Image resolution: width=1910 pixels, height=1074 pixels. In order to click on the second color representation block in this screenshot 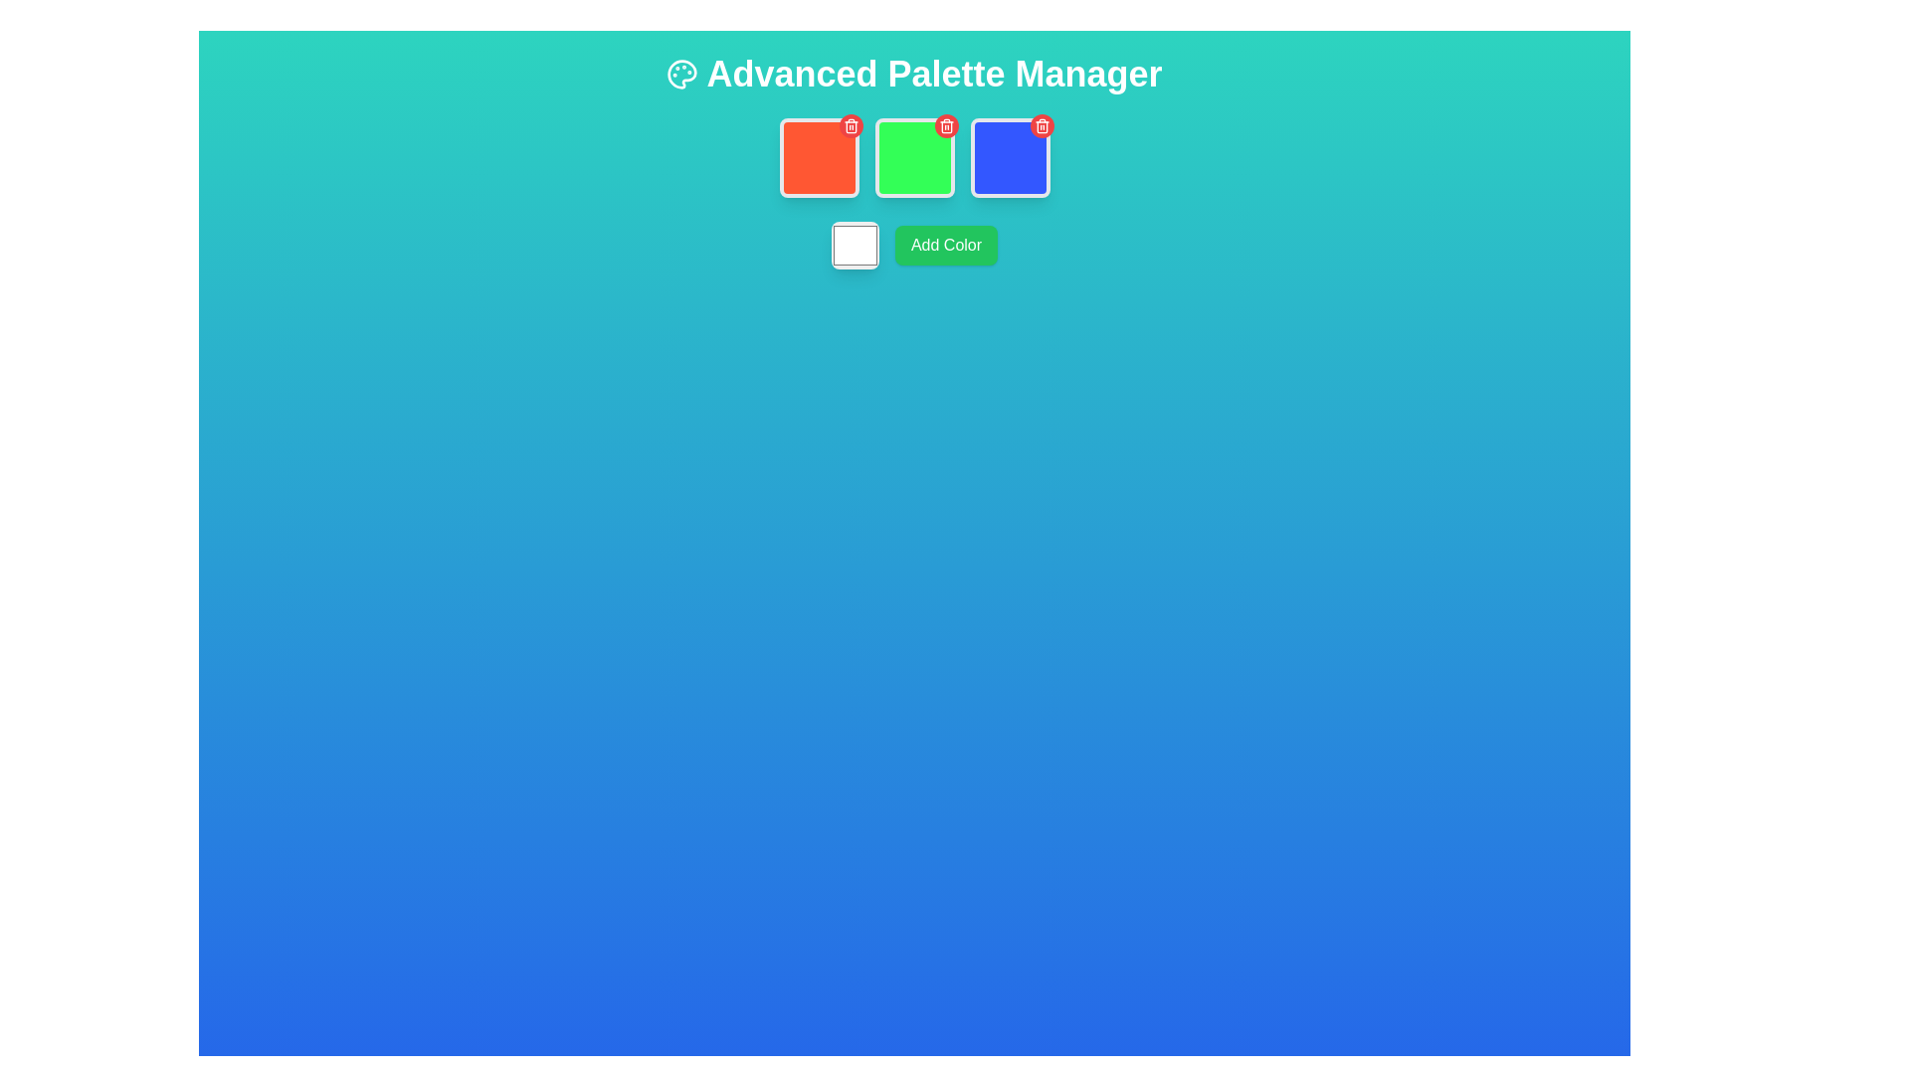, I will do `click(913, 156)`.